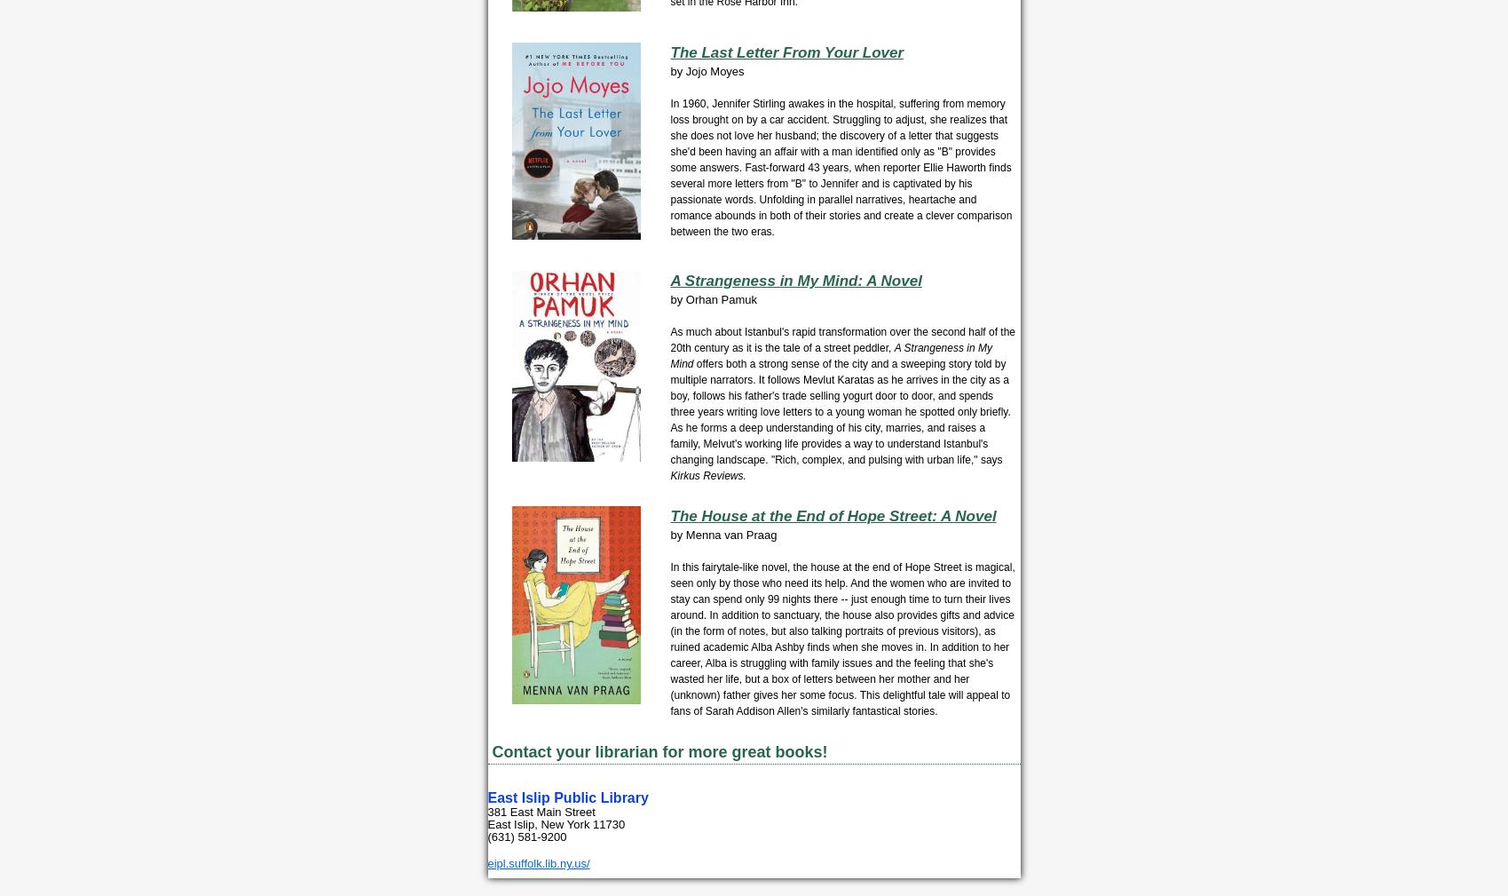  What do you see at coordinates (730, 535) in the screenshot?
I see `'Menna van Praag'` at bounding box center [730, 535].